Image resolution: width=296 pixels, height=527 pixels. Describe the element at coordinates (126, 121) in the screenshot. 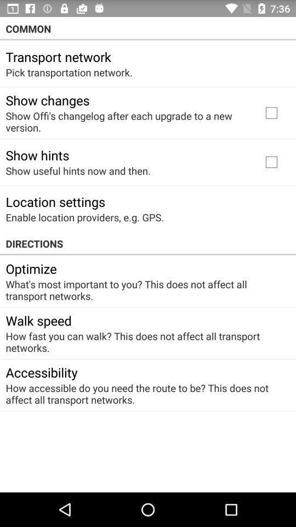

I see `icon above the show hints` at that location.